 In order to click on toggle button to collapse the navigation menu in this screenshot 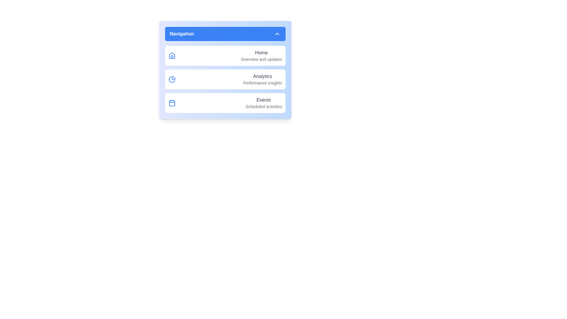, I will do `click(225, 34)`.